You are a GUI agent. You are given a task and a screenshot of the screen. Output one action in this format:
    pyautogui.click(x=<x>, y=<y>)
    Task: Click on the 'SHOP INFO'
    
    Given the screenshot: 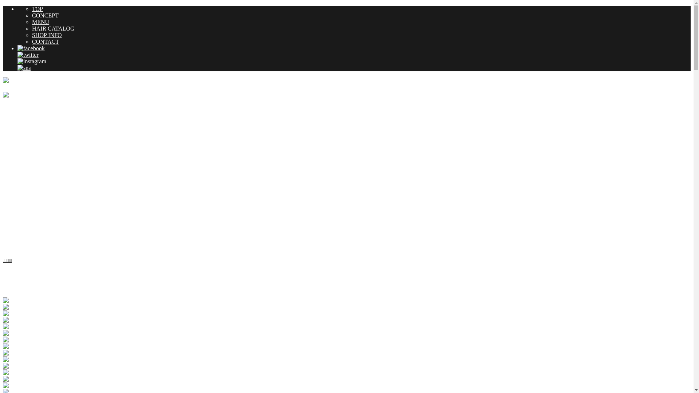 What is the action you would take?
    pyautogui.click(x=47, y=35)
    